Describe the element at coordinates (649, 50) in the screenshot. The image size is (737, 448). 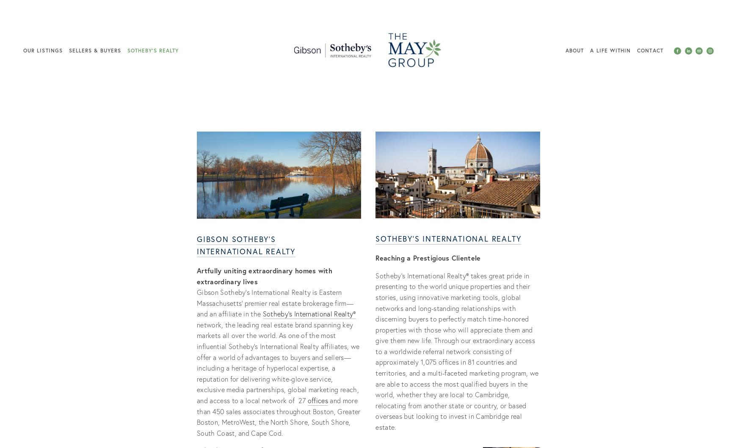
I see `'Contact'` at that location.